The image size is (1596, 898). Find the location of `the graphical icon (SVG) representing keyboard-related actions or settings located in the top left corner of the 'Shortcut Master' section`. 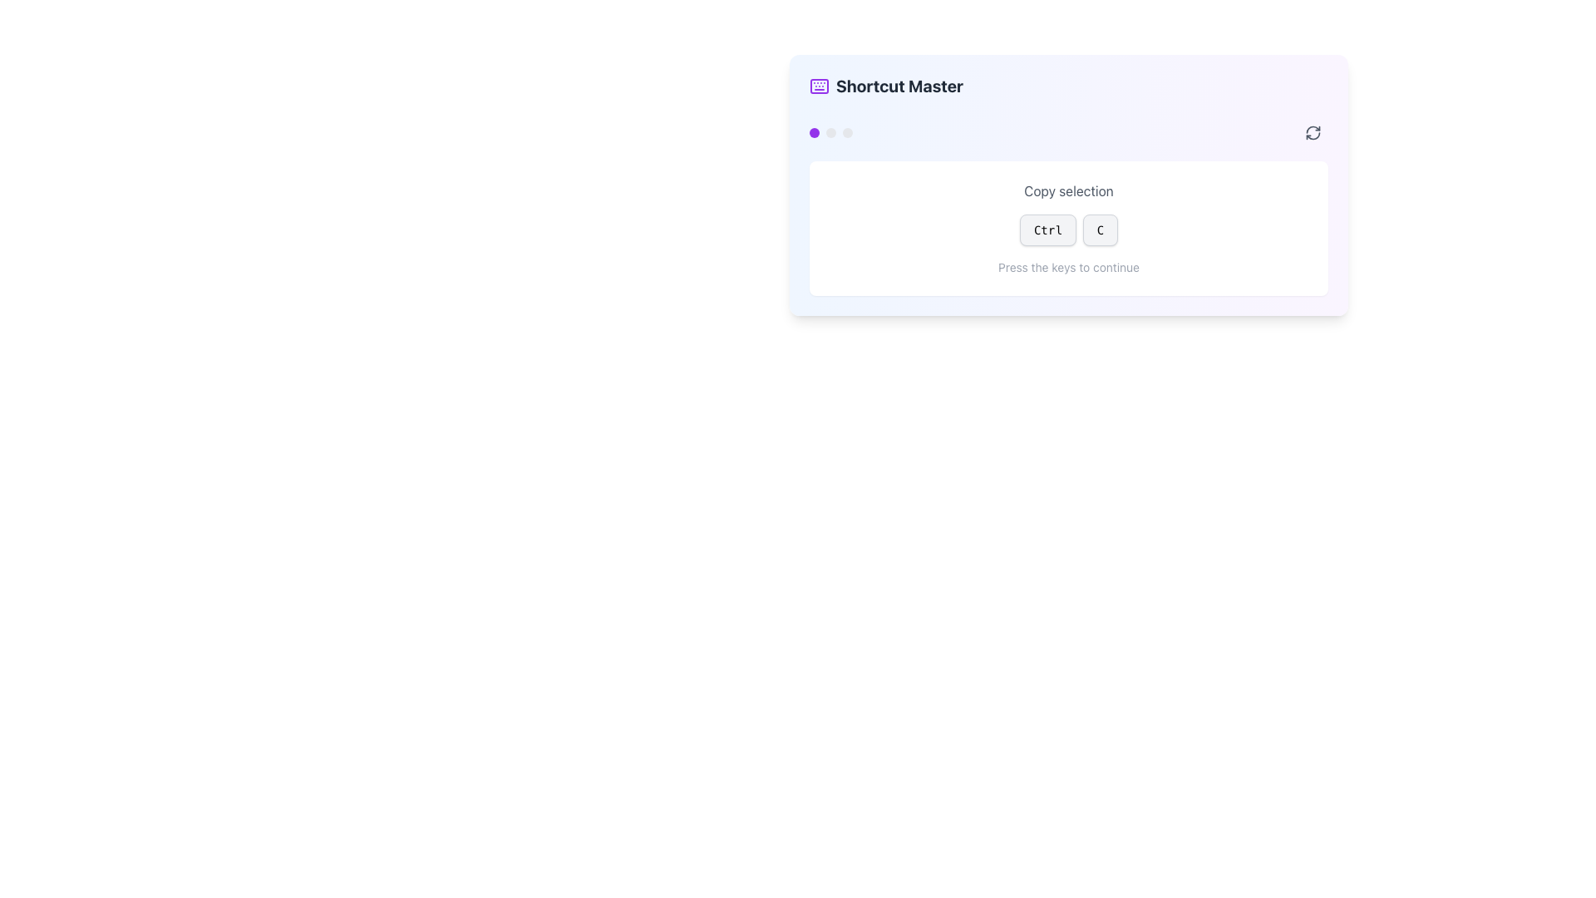

the graphical icon (SVG) representing keyboard-related actions or settings located in the top left corner of the 'Shortcut Master' section is located at coordinates (819, 86).